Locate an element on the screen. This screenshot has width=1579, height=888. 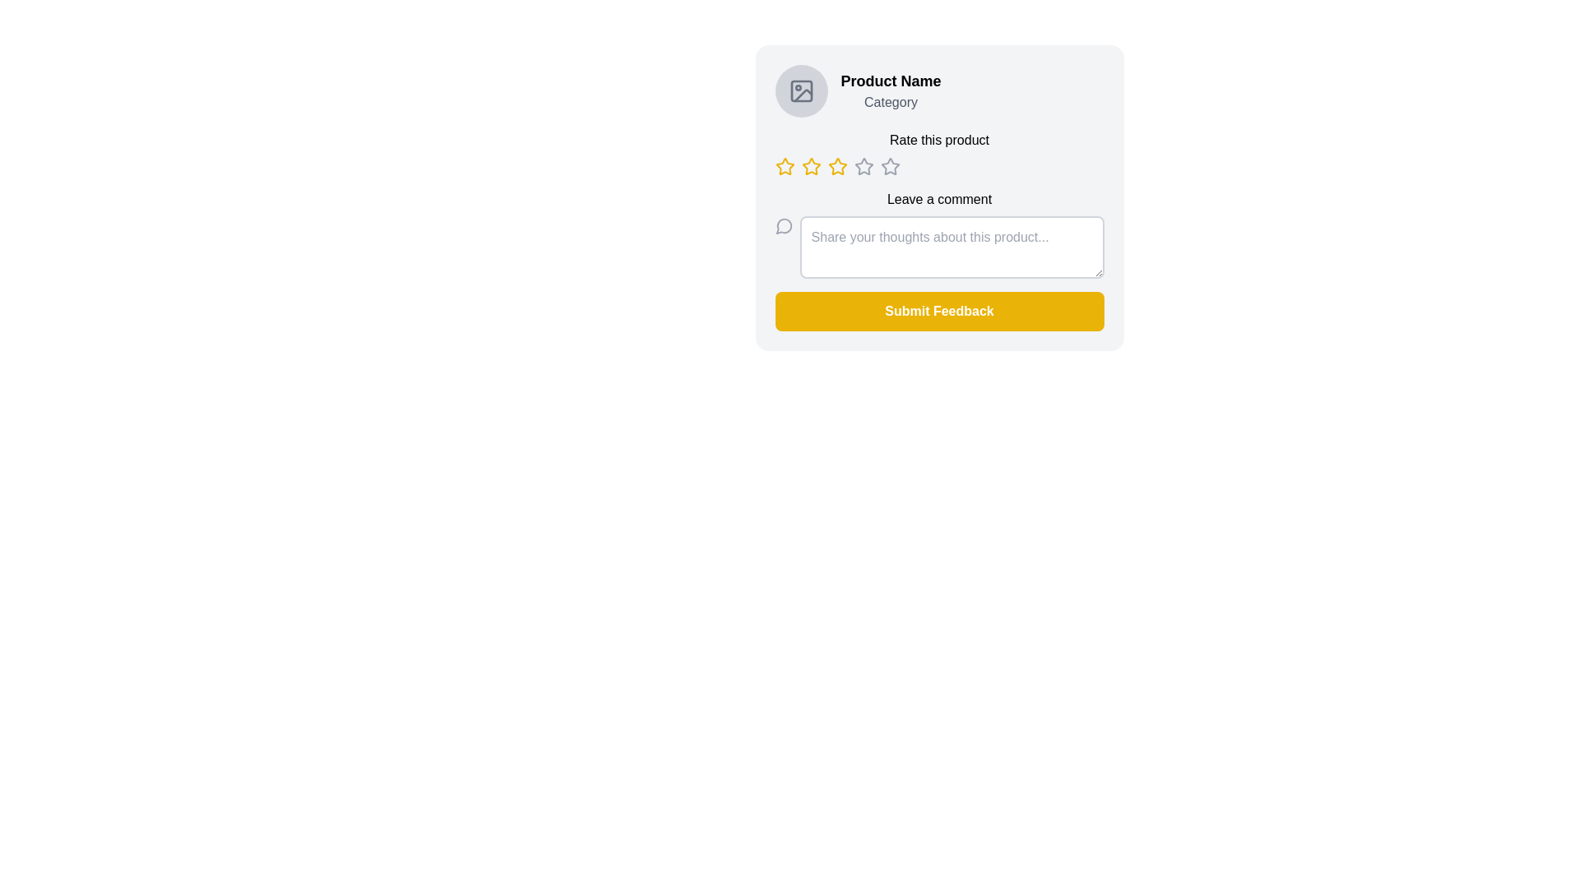
the 'Product Name' text is located at coordinates (939, 91).